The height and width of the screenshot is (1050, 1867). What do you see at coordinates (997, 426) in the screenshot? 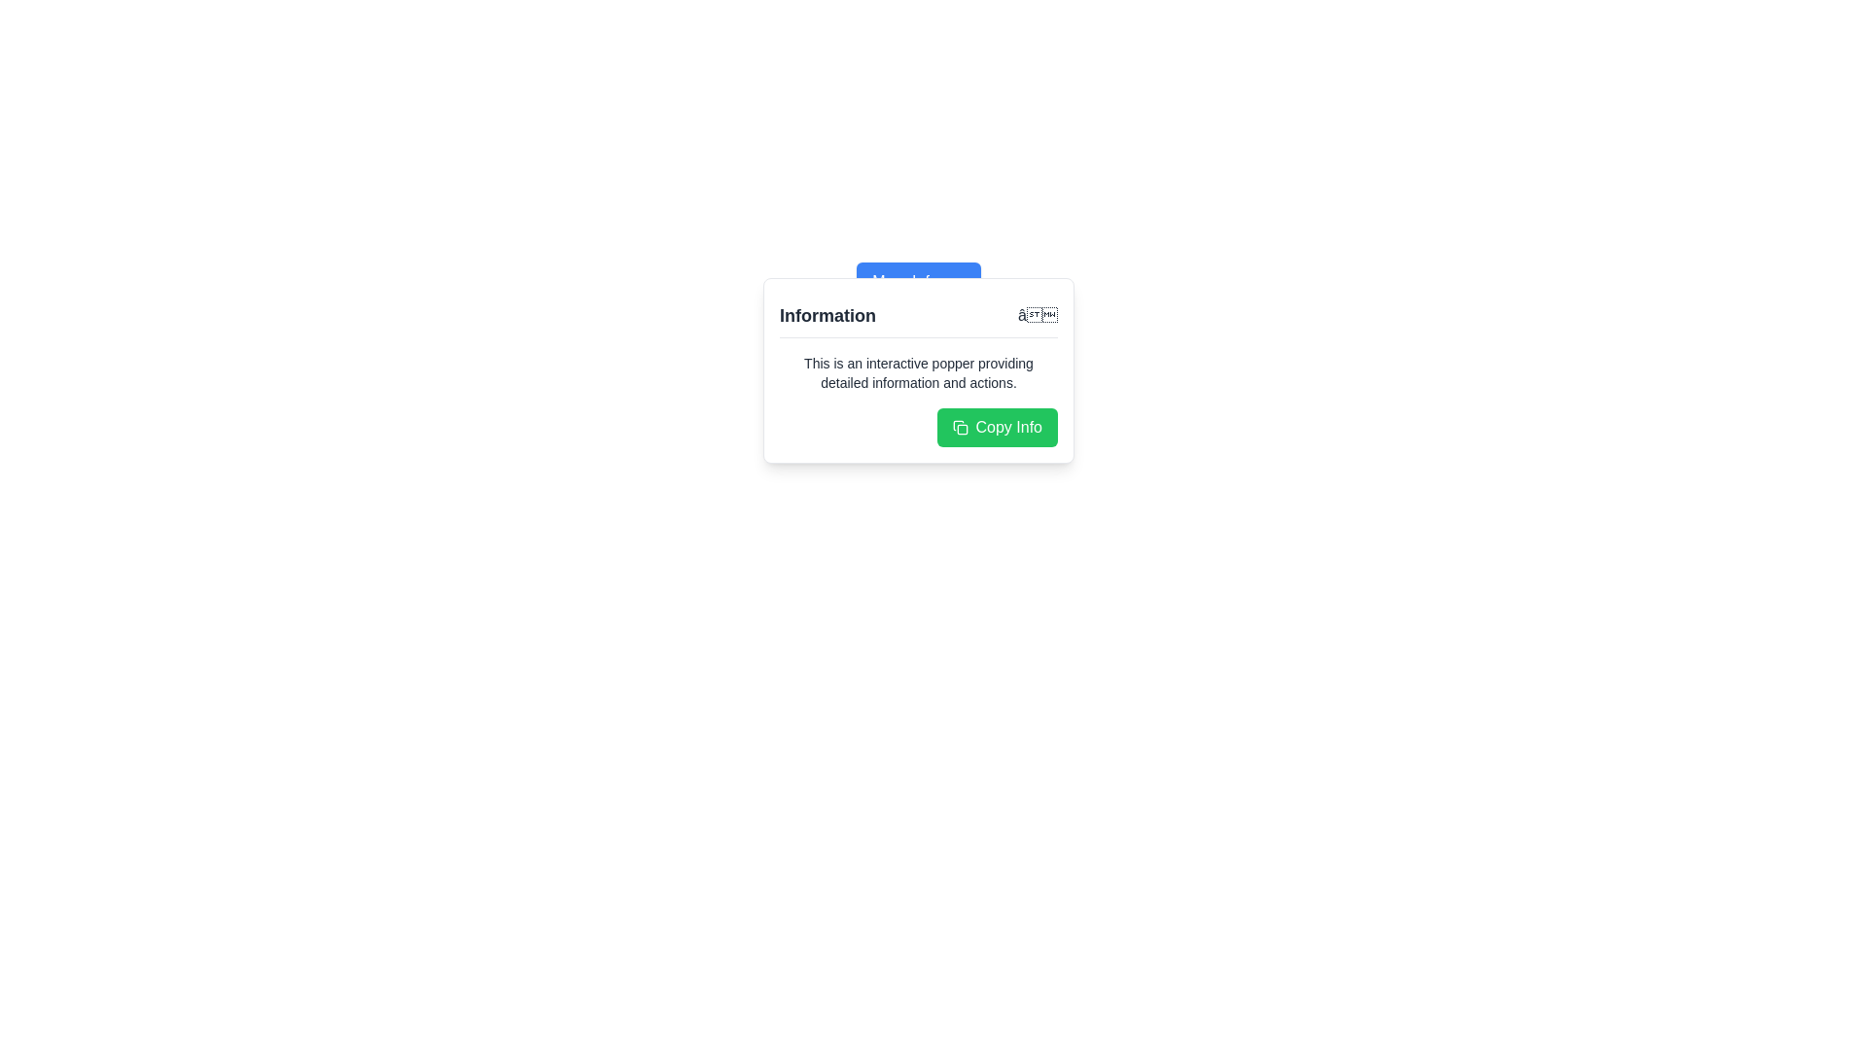
I see `the button located at the bottom-right corner of the pop-up modal to provide a visual cue for the user` at bounding box center [997, 426].